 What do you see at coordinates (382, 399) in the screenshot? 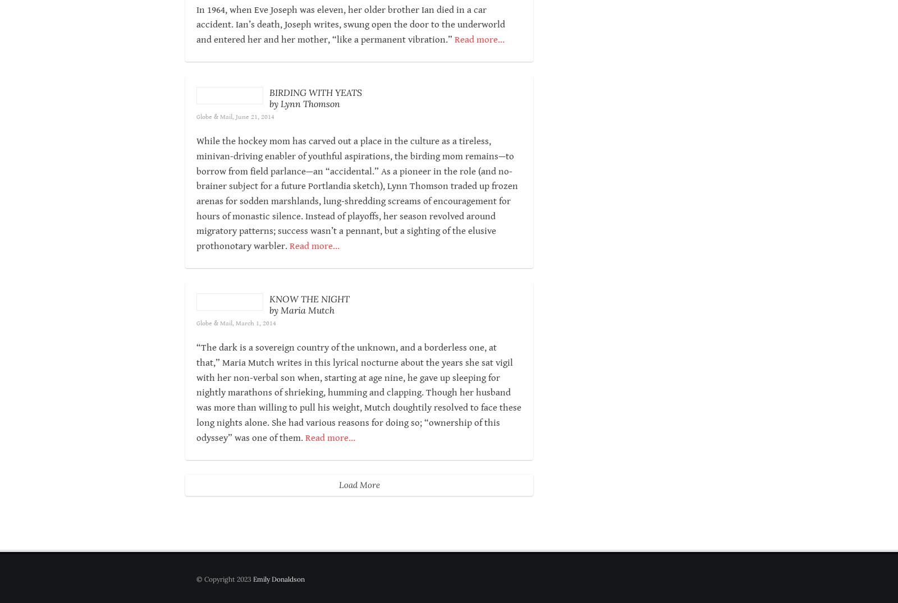
I see `'“The dark is a sovereign country of the unknown, and a borderless one, at that,”'` at bounding box center [382, 399].